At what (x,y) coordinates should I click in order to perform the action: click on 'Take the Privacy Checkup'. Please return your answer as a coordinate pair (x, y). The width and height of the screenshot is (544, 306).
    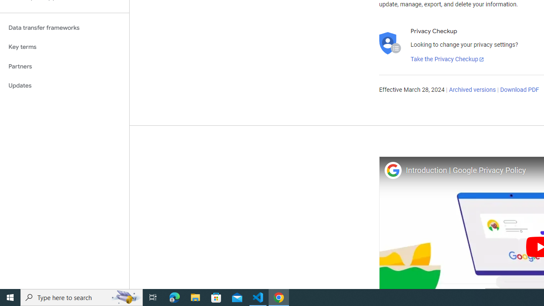
    Looking at the image, I should click on (447, 59).